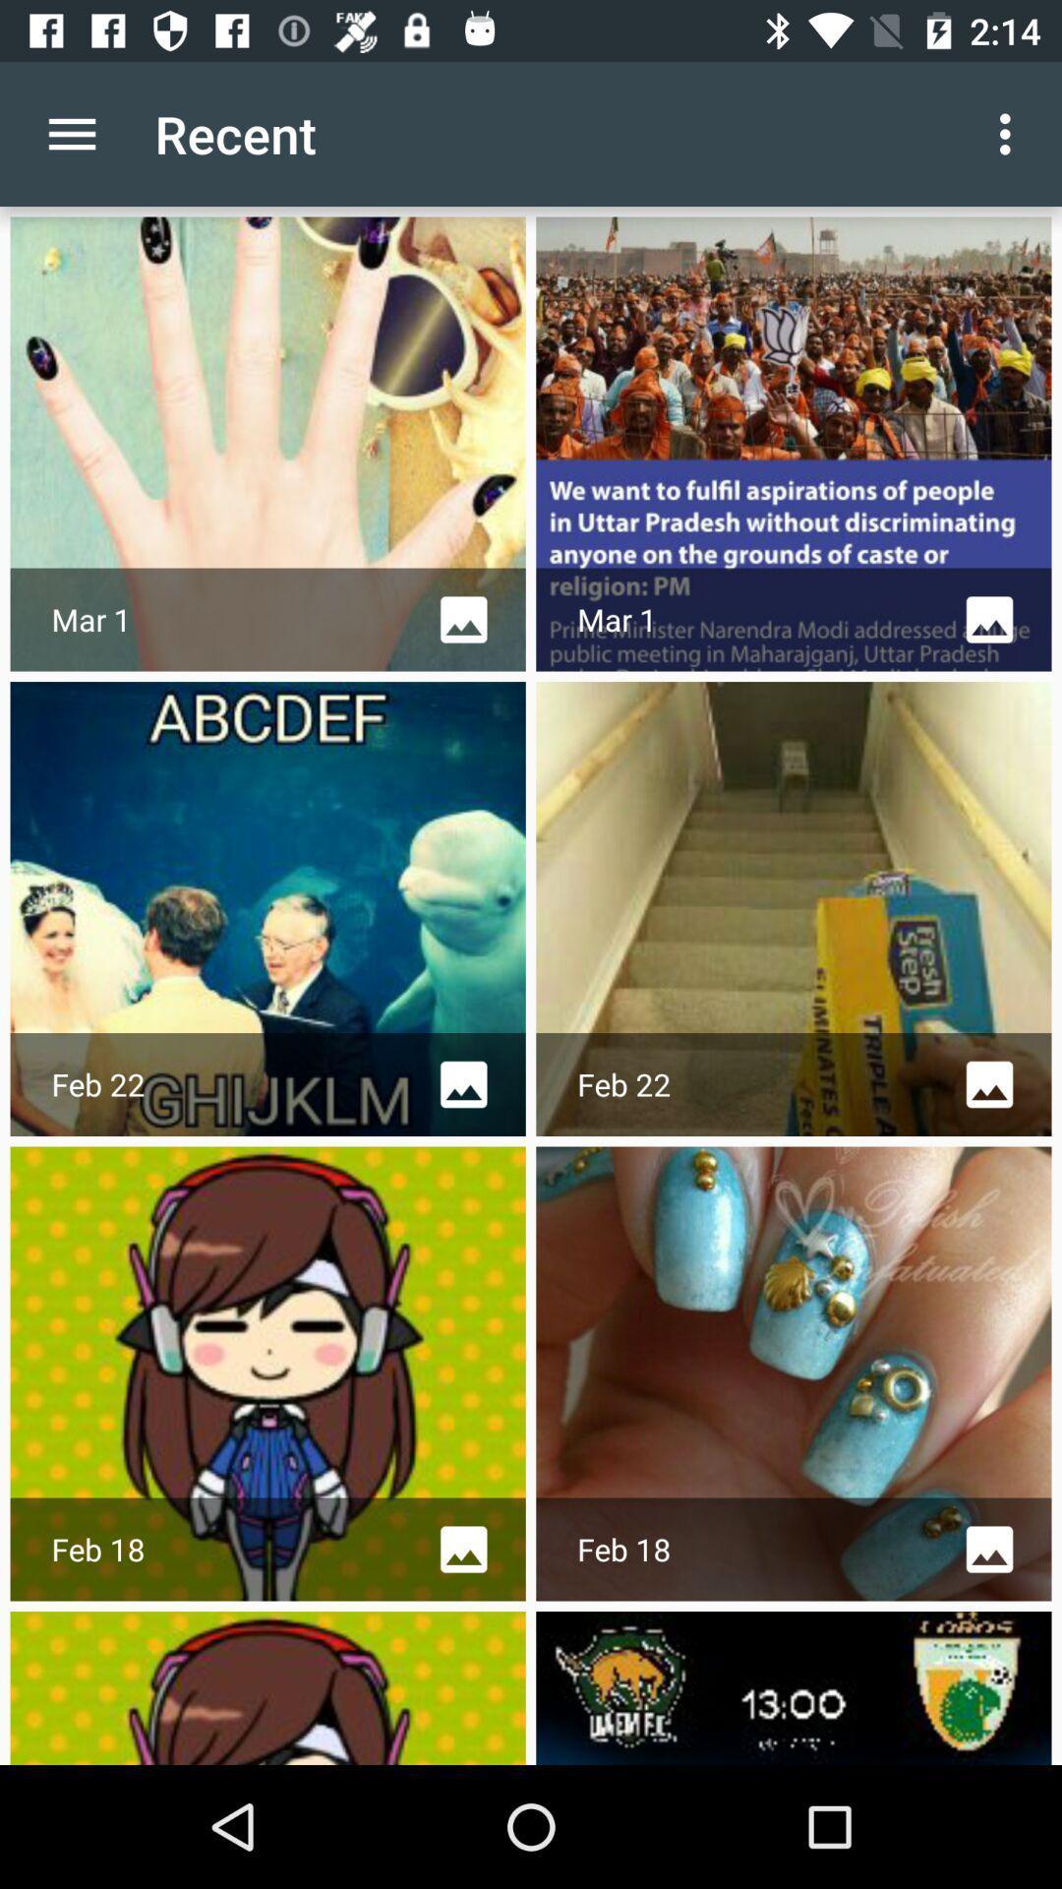  Describe the element at coordinates (1010, 133) in the screenshot. I see `app next to the recent item` at that location.